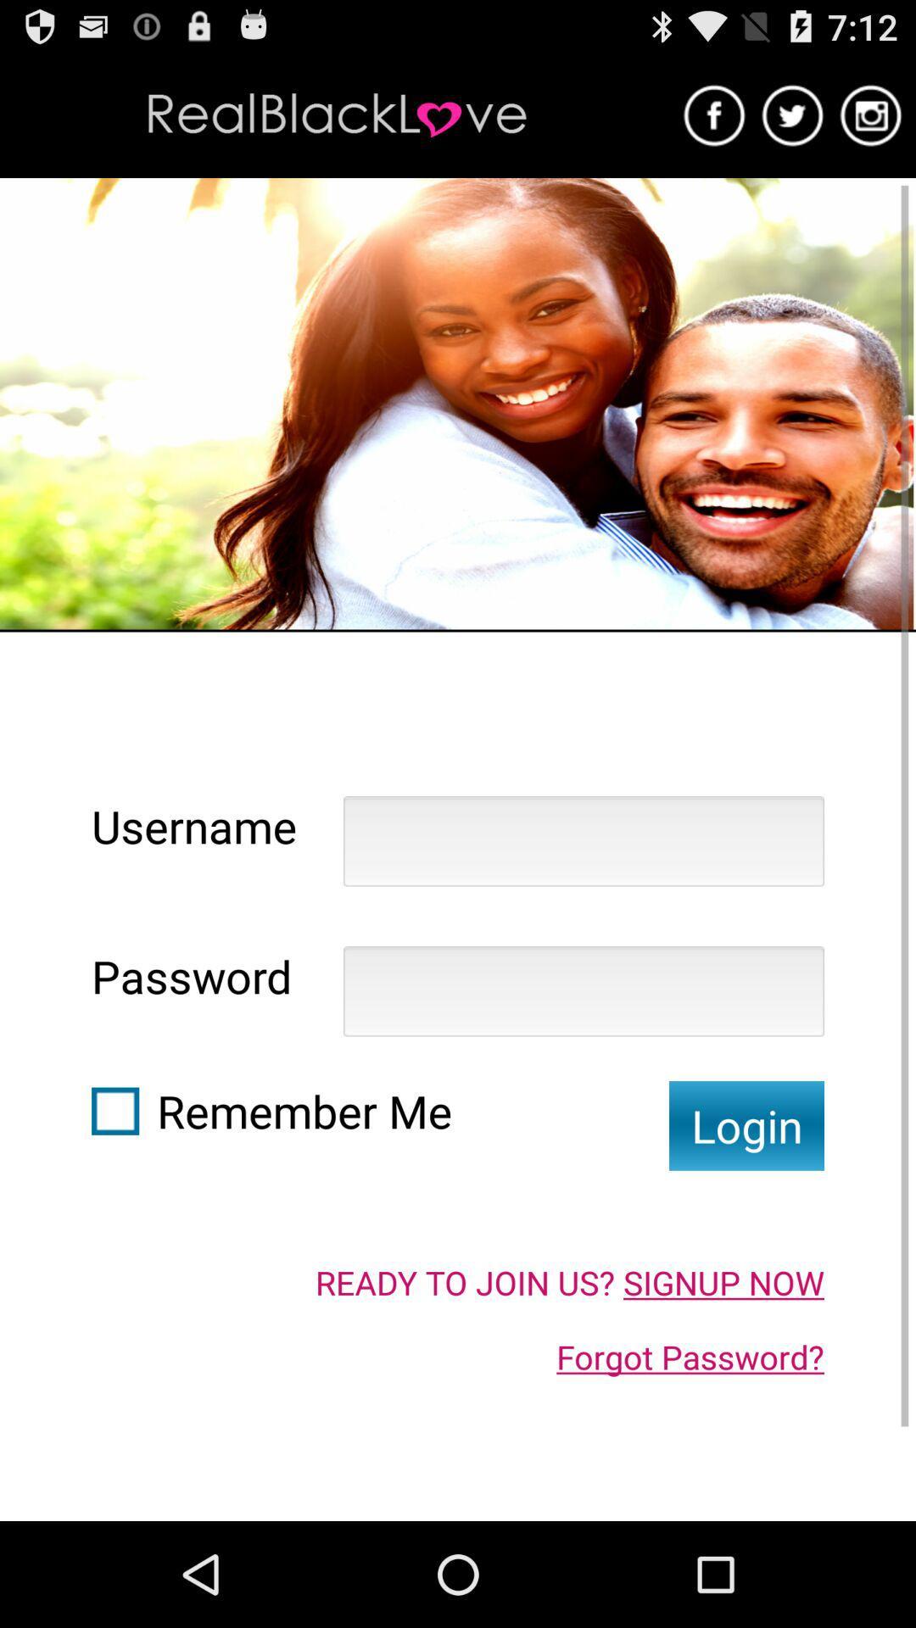  I want to click on the facebook icon, so click(714, 122).